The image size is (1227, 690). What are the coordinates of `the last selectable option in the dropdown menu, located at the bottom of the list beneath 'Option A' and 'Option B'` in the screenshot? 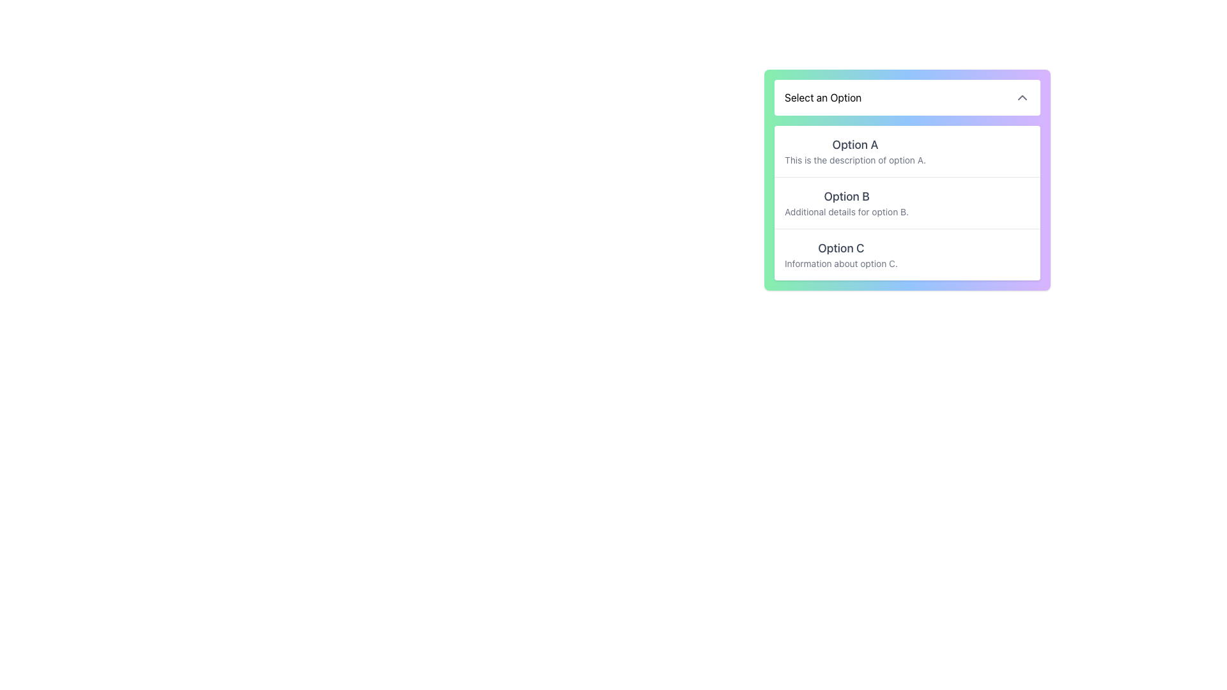 It's located at (841, 254).